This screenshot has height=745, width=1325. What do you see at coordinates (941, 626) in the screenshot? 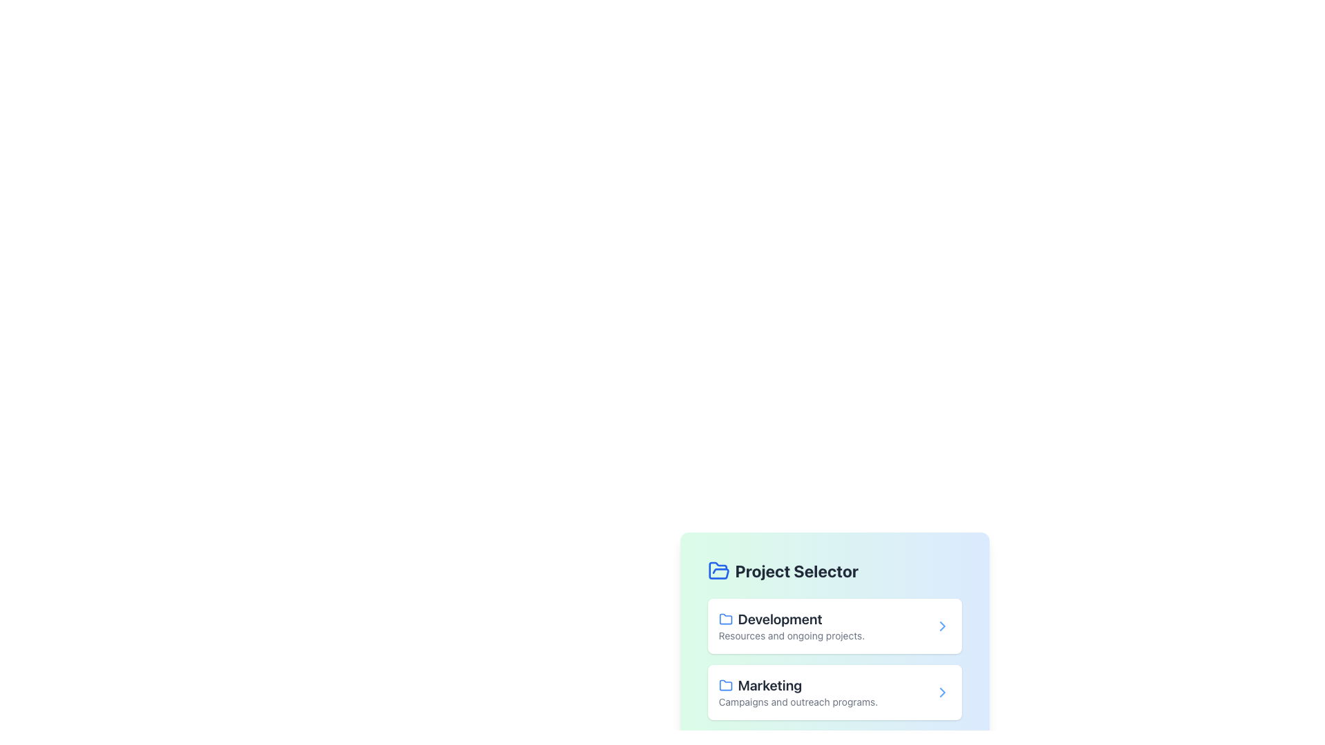
I see `the rightward-pointing blue chevron icon located at the far right of the 'Development' section in the 'Project Selector' panel` at bounding box center [941, 626].